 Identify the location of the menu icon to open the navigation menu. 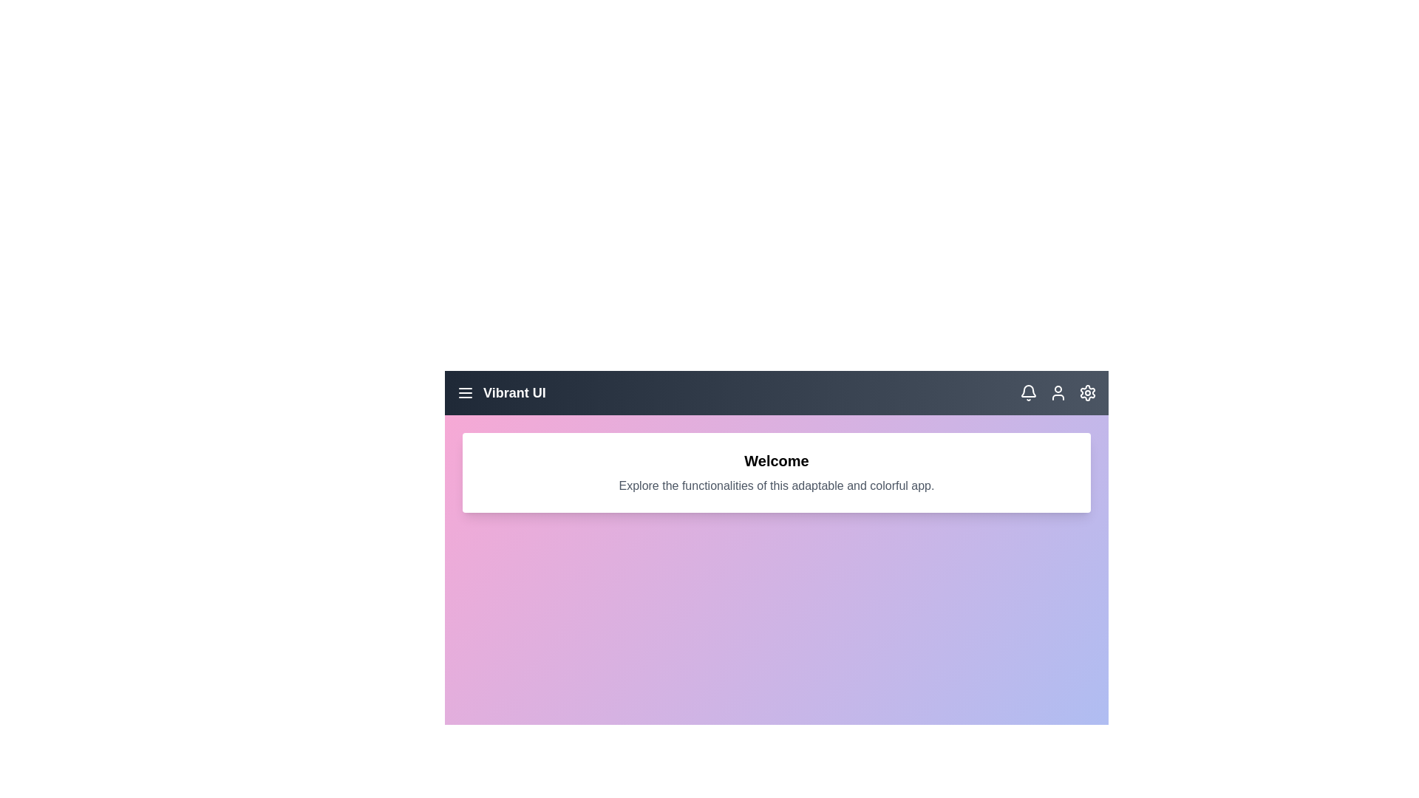
(464, 392).